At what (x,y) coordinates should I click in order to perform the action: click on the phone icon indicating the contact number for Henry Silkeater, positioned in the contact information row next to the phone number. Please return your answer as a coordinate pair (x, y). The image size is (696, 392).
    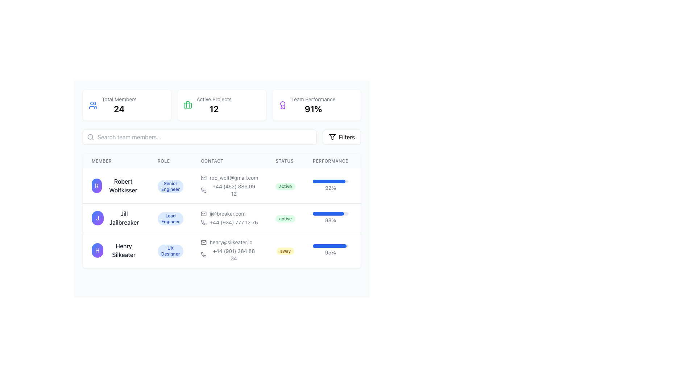
    Looking at the image, I should click on (203, 190).